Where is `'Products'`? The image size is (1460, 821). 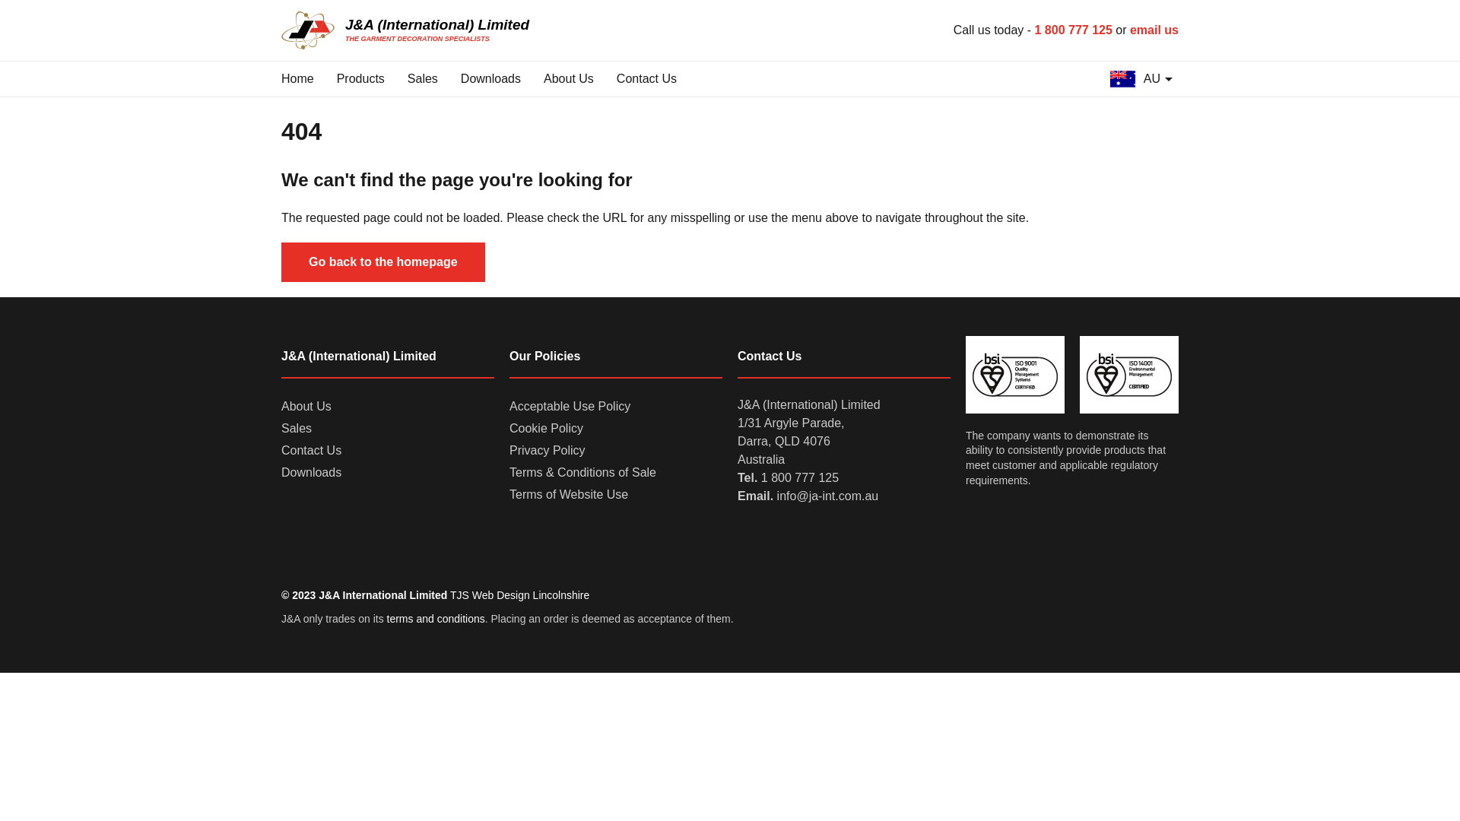
'Products' is located at coordinates (360, 79).